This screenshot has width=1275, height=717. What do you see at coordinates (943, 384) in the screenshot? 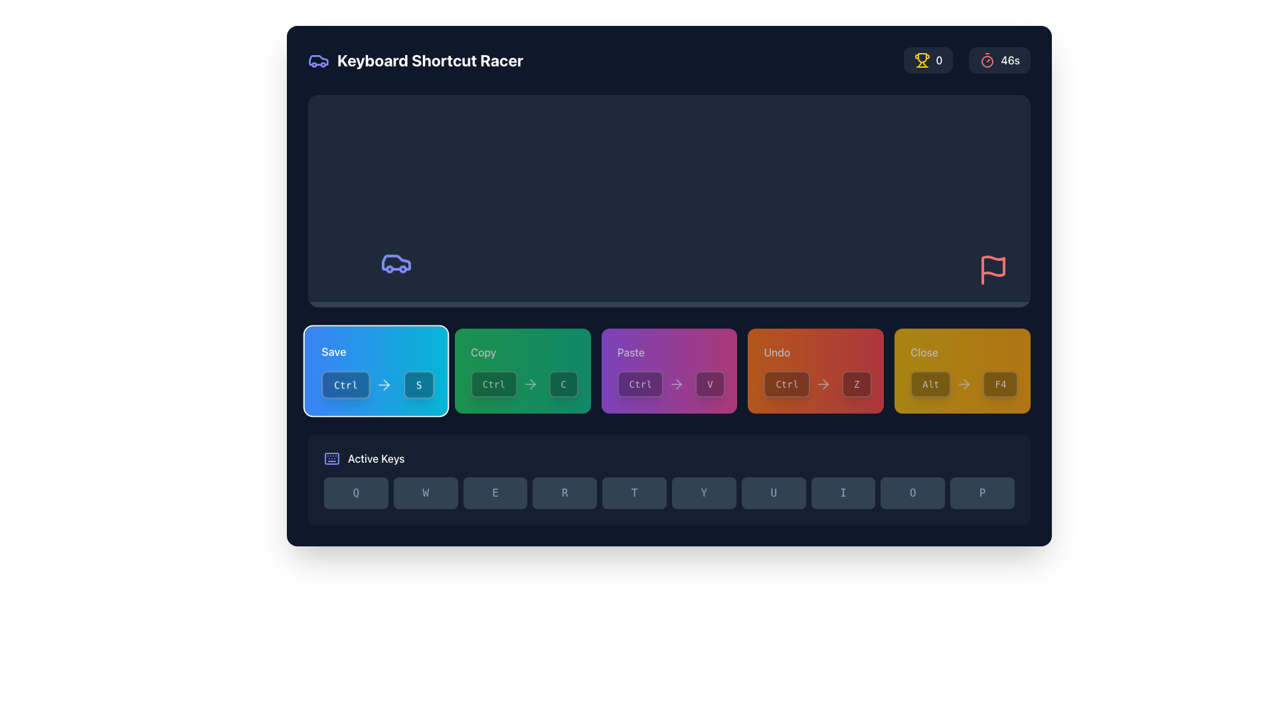
I see `the role of the 'Alt' button-style key representation, which is a rectangular interactive element with a rounded outline and white text on a dark background, located in the 'Close' section of the interface` at bounding box center [943, 384].